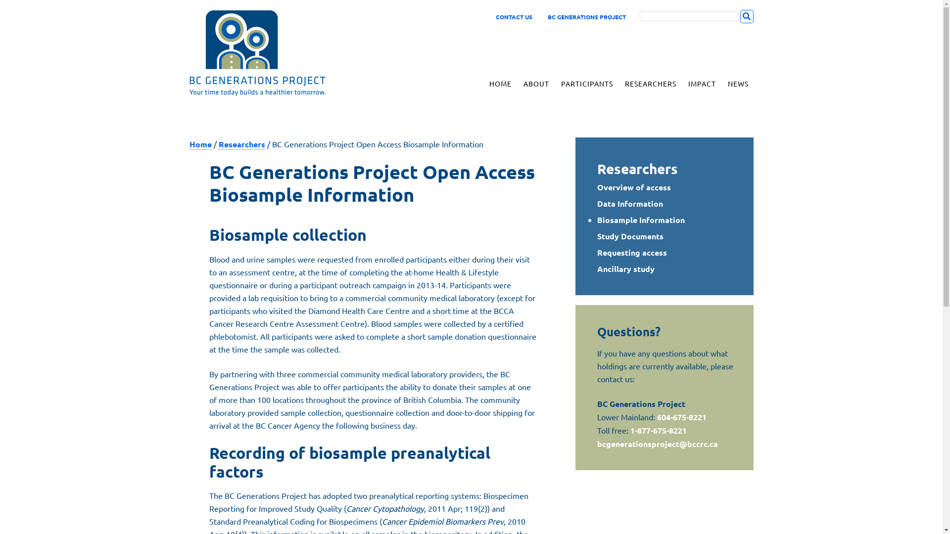 This screenshot has width=950, height=534. Describe the element at coordinates (738, 83) in the screenshot. I see `'NEWS'` at that location.